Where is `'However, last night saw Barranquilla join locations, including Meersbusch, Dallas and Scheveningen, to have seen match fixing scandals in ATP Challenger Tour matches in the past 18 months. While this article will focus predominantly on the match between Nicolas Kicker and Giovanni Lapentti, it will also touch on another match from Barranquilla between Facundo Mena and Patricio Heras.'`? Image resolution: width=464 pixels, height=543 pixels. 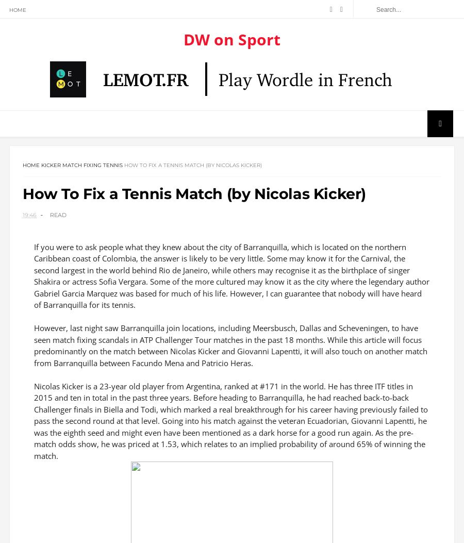
'However, last night saw Barranquilla join locations, including Meersbusch, Dallas and Scheveningen, to have seen match fixing scandals in ATP Challenger Tour matches in the past 18 months. While this article will focus predominantly on the match between Nicolas Kicker and Giovanni Lapentti, it will also touch on another match from Barranquilla between Facundo Mena and Patricio Heras.' is located at coordinates (33, 349).